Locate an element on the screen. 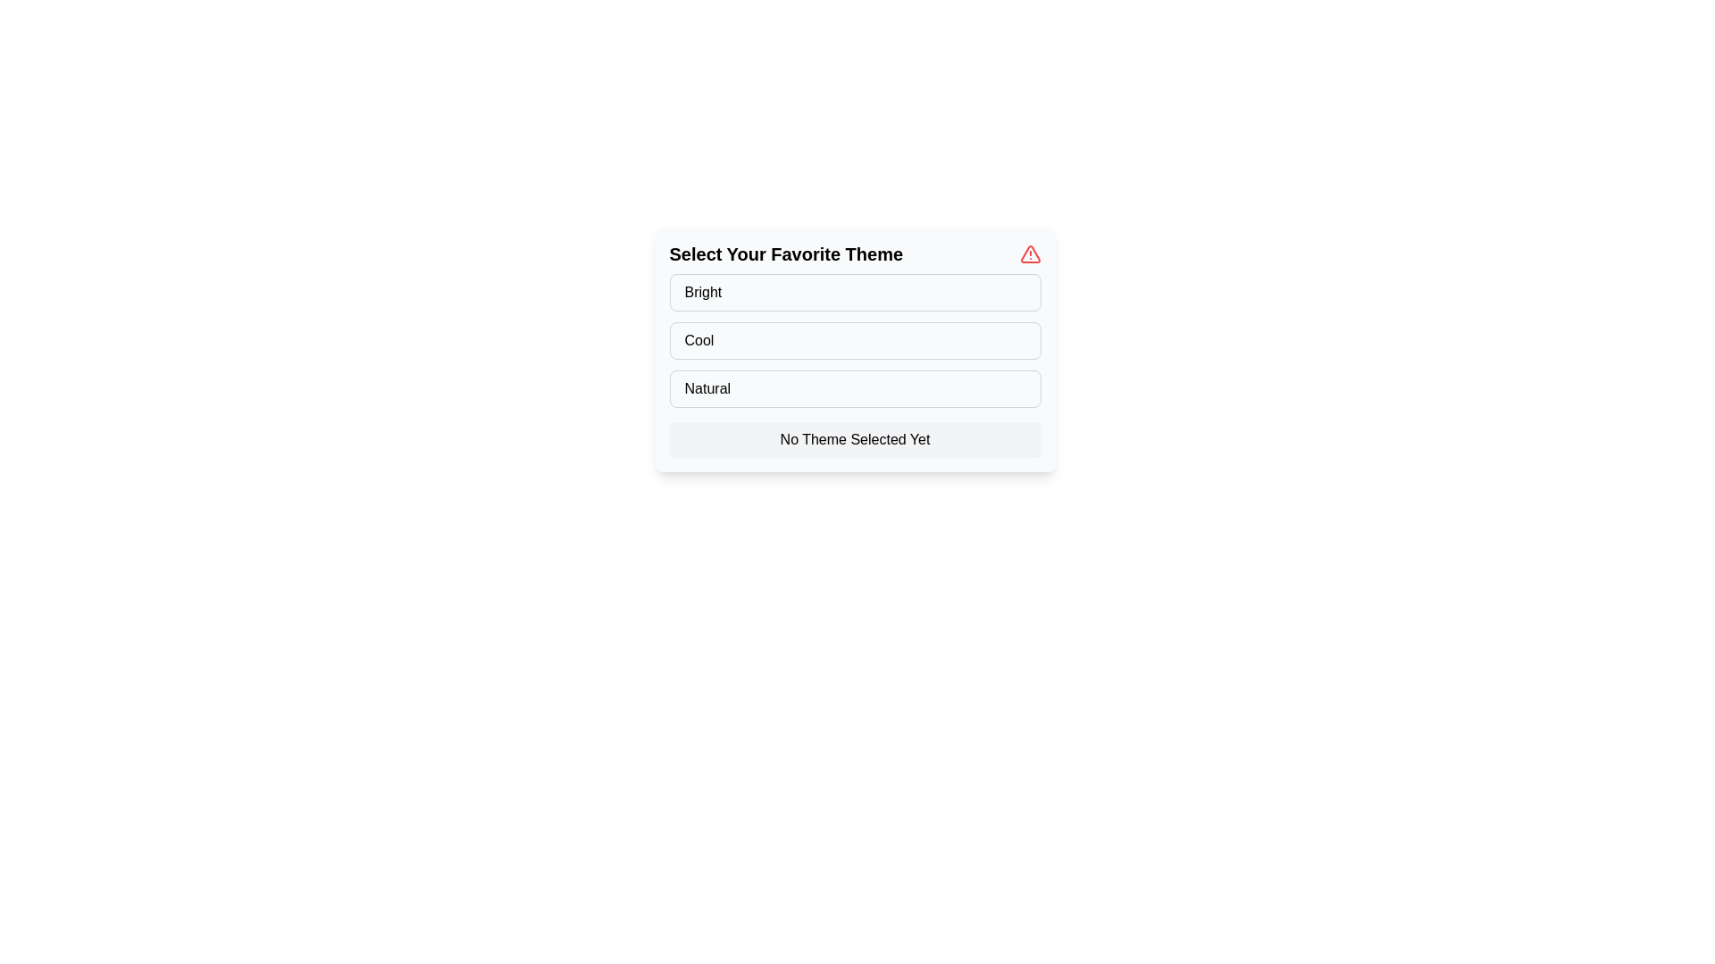 The image size is (1715, 964). the 'Cool' theme button located within the 'Select Your Favorite Theme' card is located at coordinates (854, 340).